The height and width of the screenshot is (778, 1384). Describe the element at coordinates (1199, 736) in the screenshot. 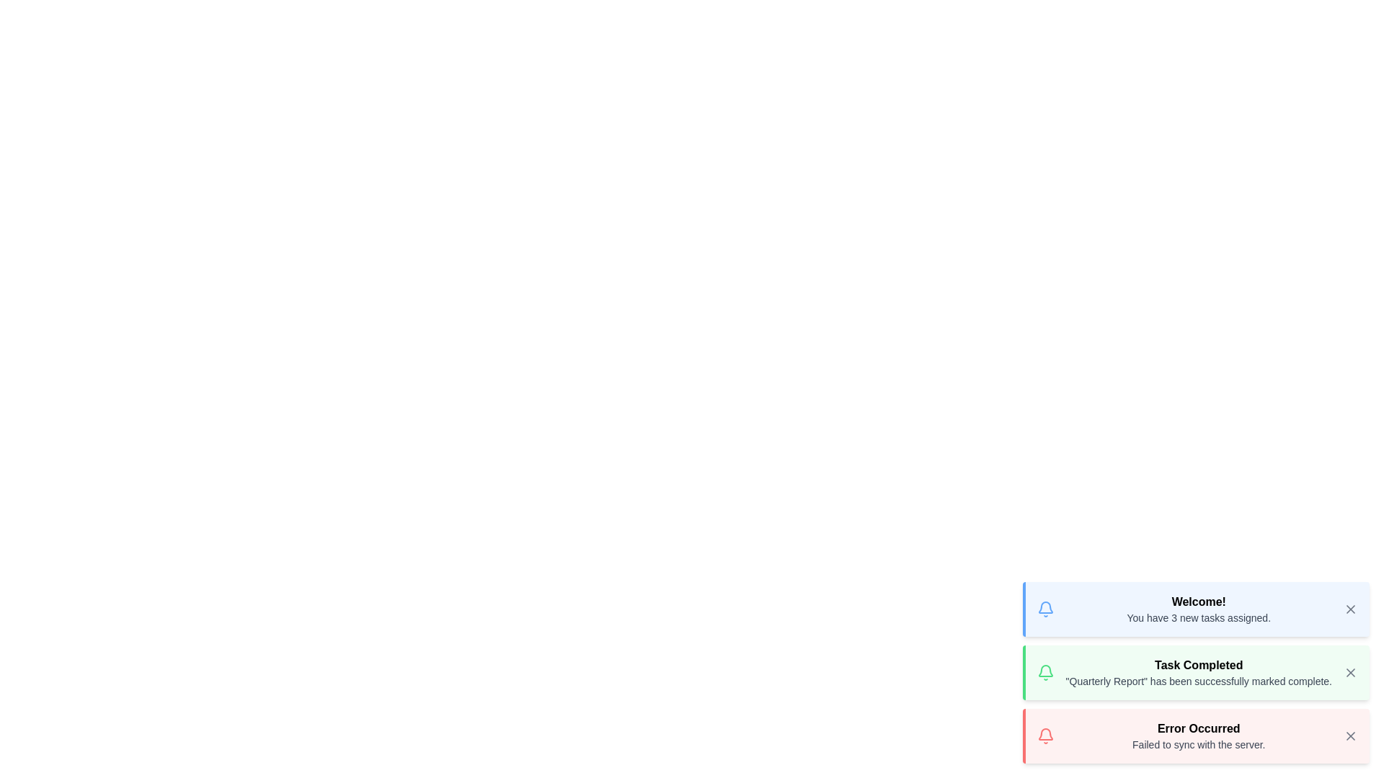

I see `the 'Error Occurred' text label, which displays a warning message about syncing issues with a light red background` at that location.